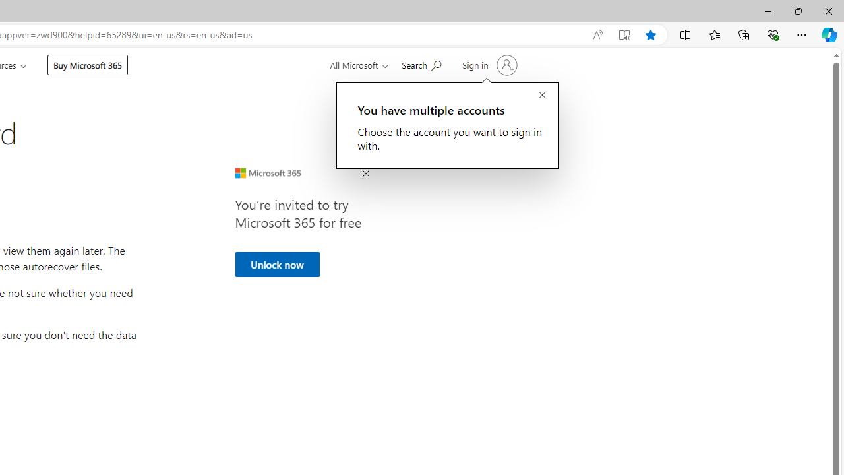  What do you see at coordinates (276, 264) in the screenshot?
I see `'Unlock now'` at bounding box center [276, 264].